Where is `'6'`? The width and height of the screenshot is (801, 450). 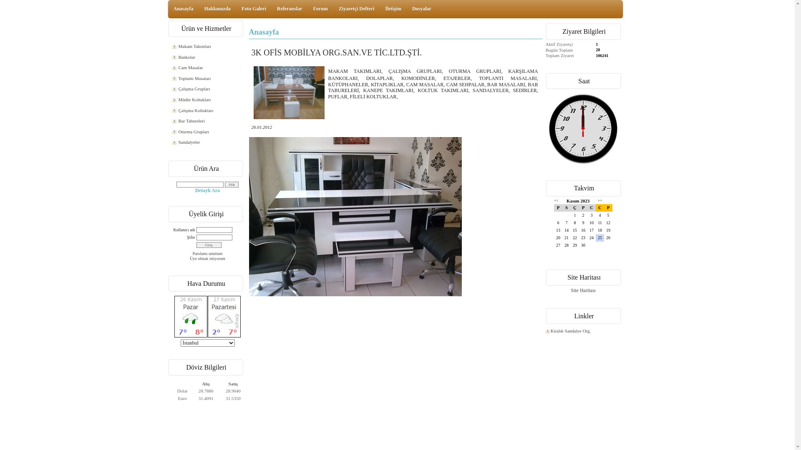 '6' is located at coordinates (558, 222).